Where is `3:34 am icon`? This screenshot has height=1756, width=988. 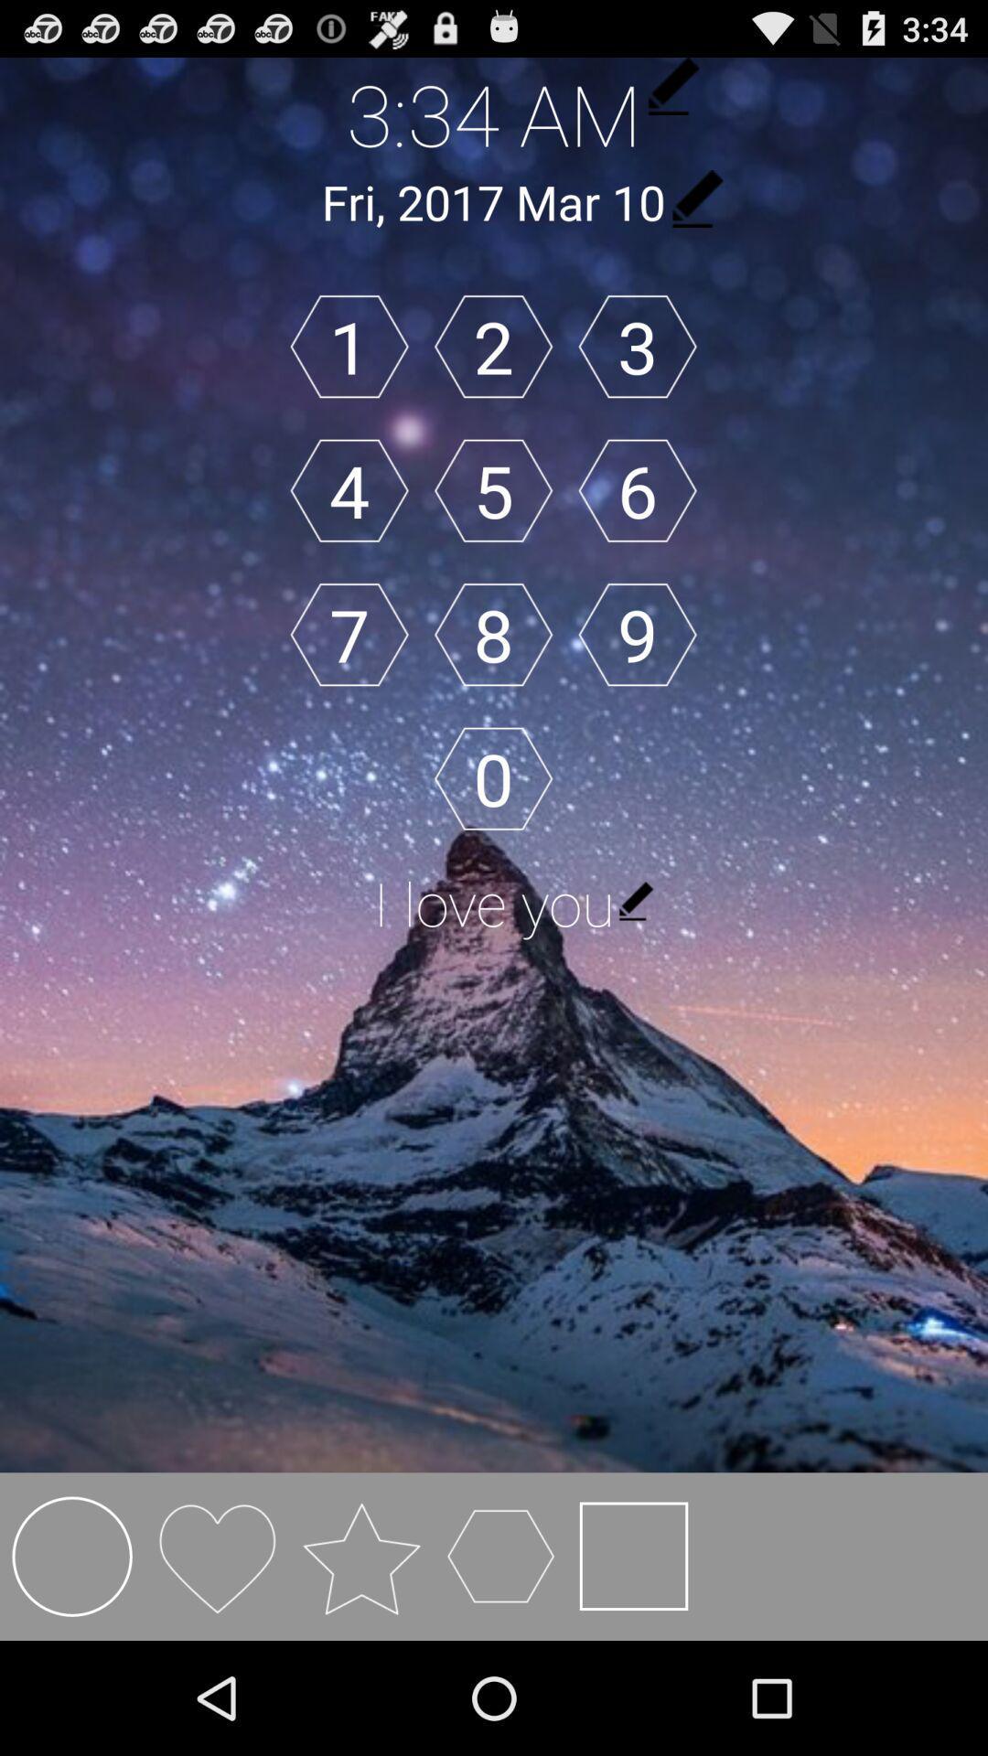 3:34 am icon is located at coordinates (494, 112).